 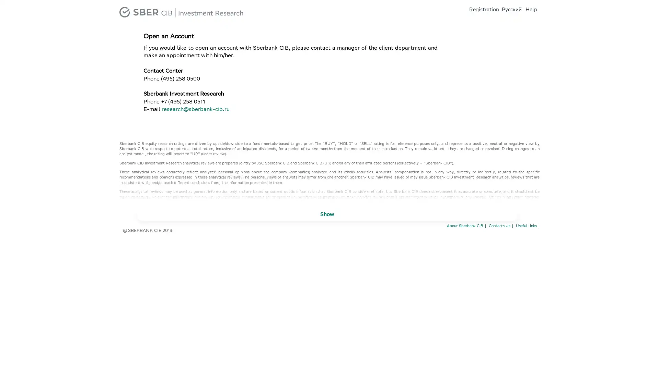 I want to click on Show, so click(x=327, y=215).